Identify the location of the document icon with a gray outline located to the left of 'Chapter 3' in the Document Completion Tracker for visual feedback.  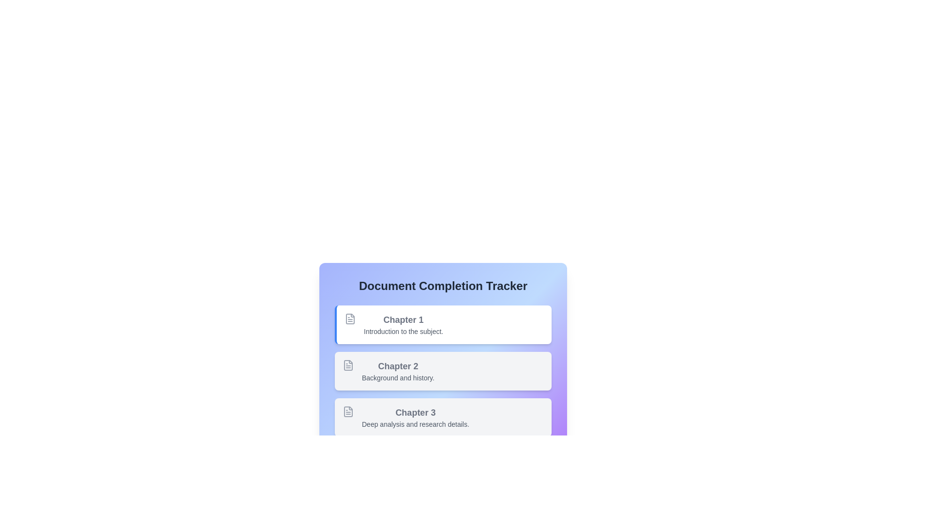
(348, 412).